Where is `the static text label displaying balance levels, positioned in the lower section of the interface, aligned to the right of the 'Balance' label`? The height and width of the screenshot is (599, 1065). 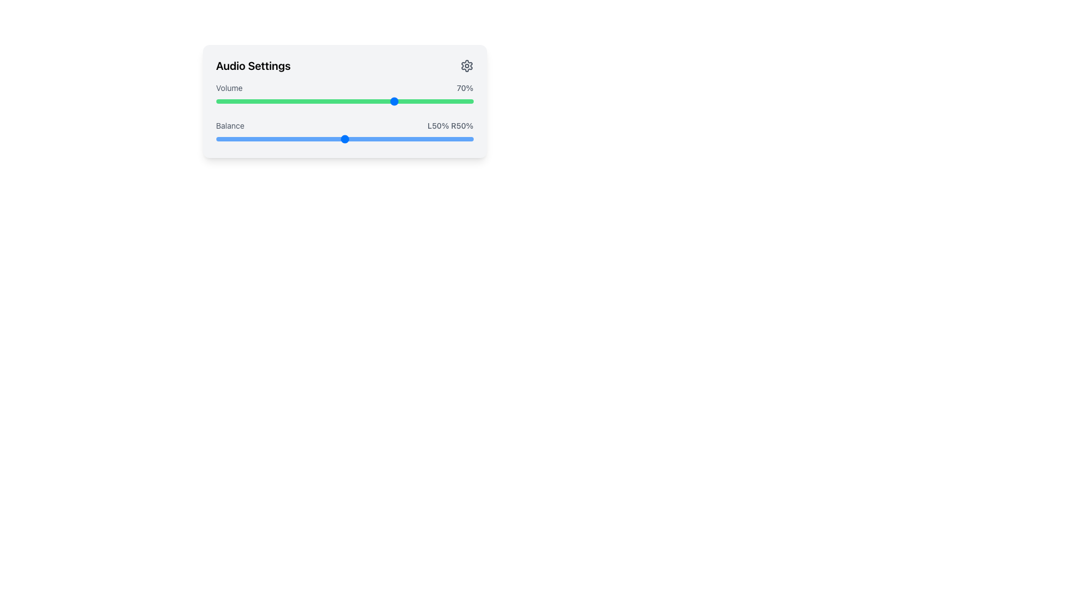
the static text label displaying balance levels, positioned in the lower section of the interface, aligned to the right of the 'Balance' label is located at coordinates (450, 125).